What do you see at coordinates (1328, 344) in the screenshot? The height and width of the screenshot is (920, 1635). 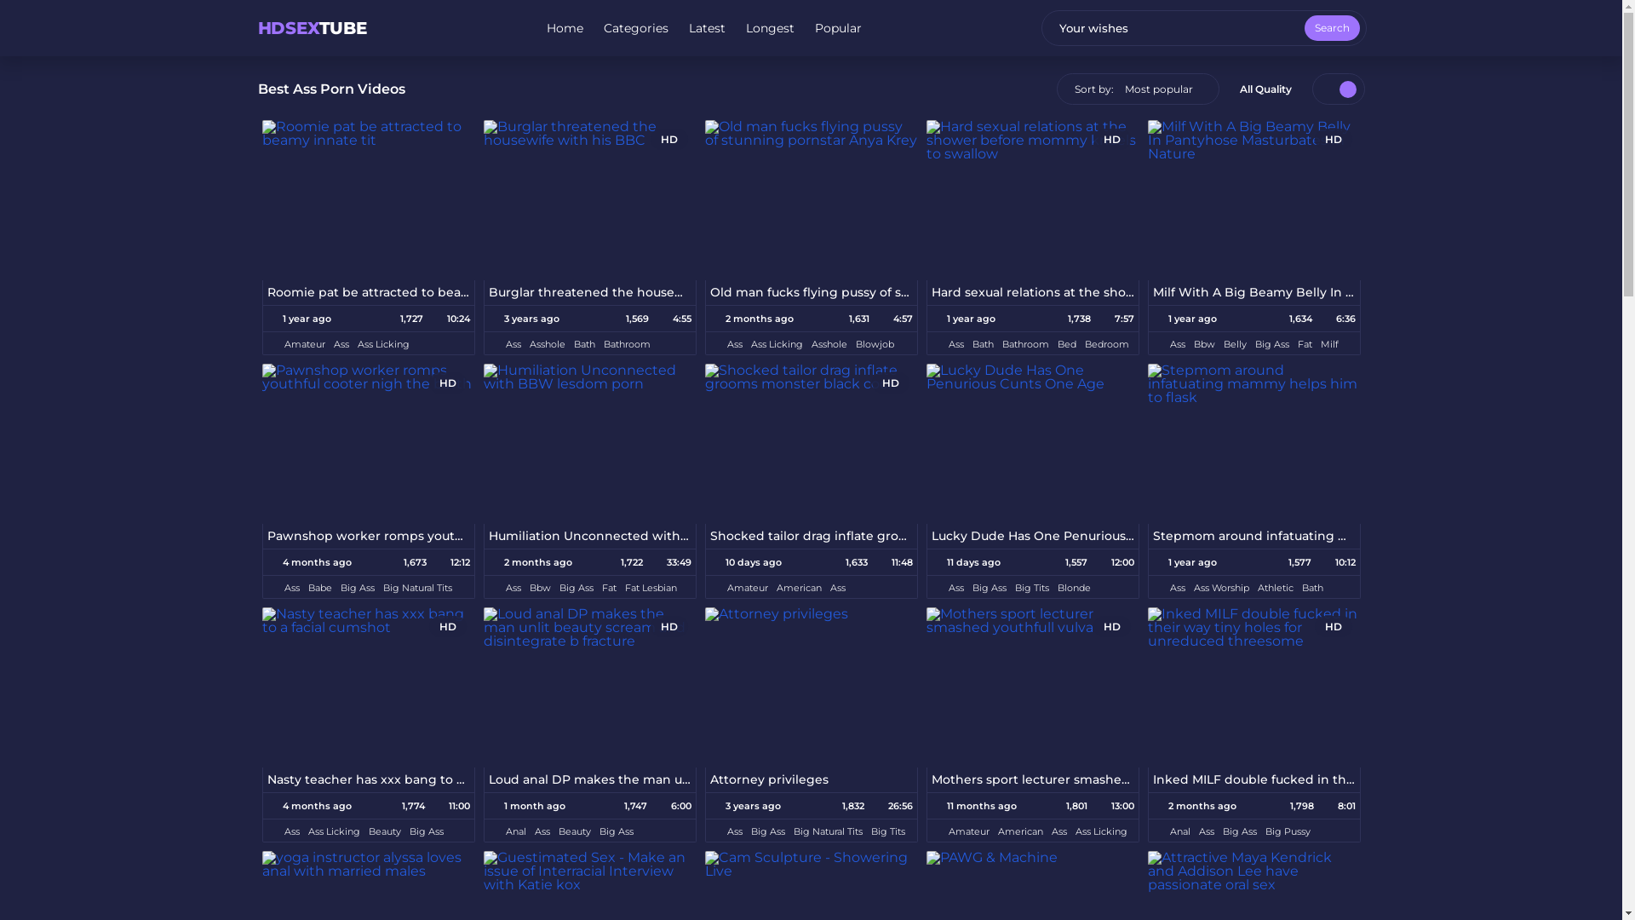 I see `'Milf'` at bounding box center [1328, 344].